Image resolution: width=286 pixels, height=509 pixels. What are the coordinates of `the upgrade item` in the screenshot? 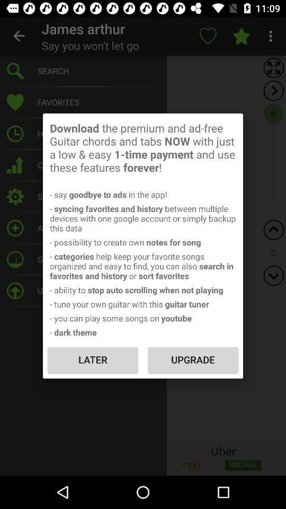 It's located at (192, 359).